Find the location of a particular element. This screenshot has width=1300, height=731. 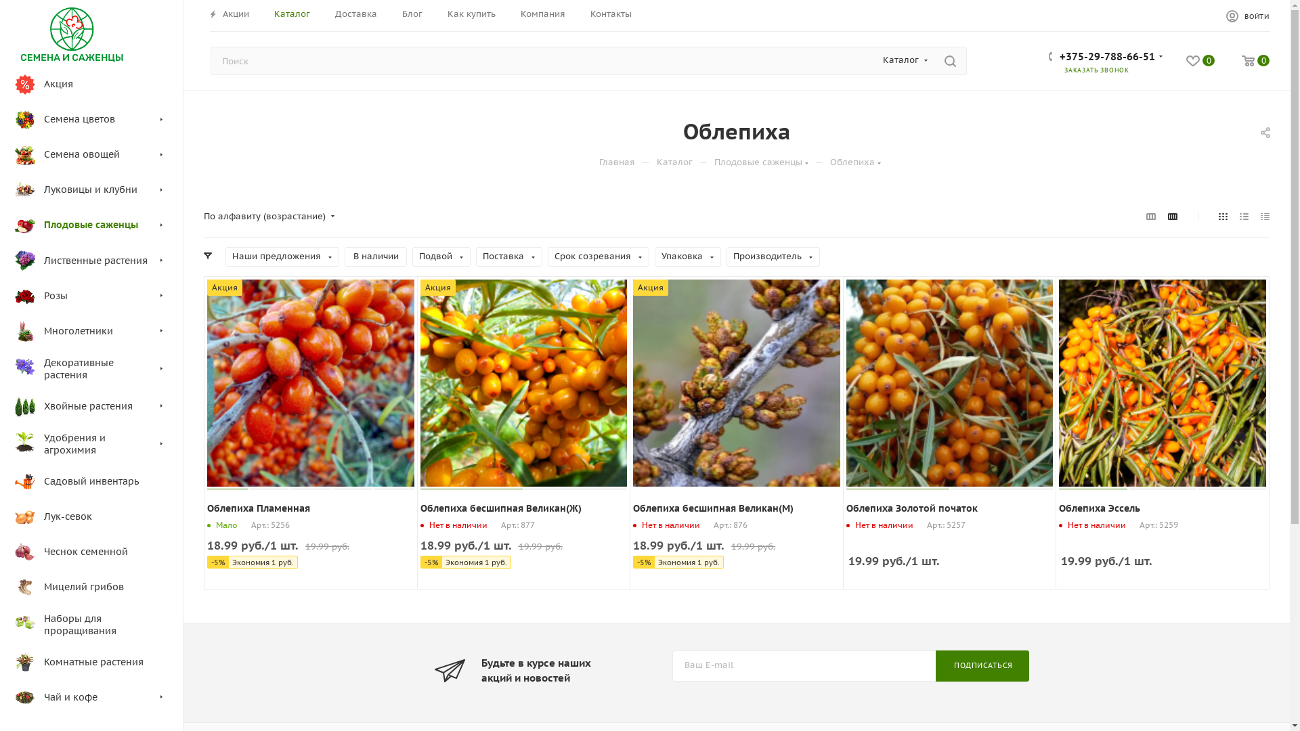

'+375-29-788-66-51' is located at coordinates (1107, 58).